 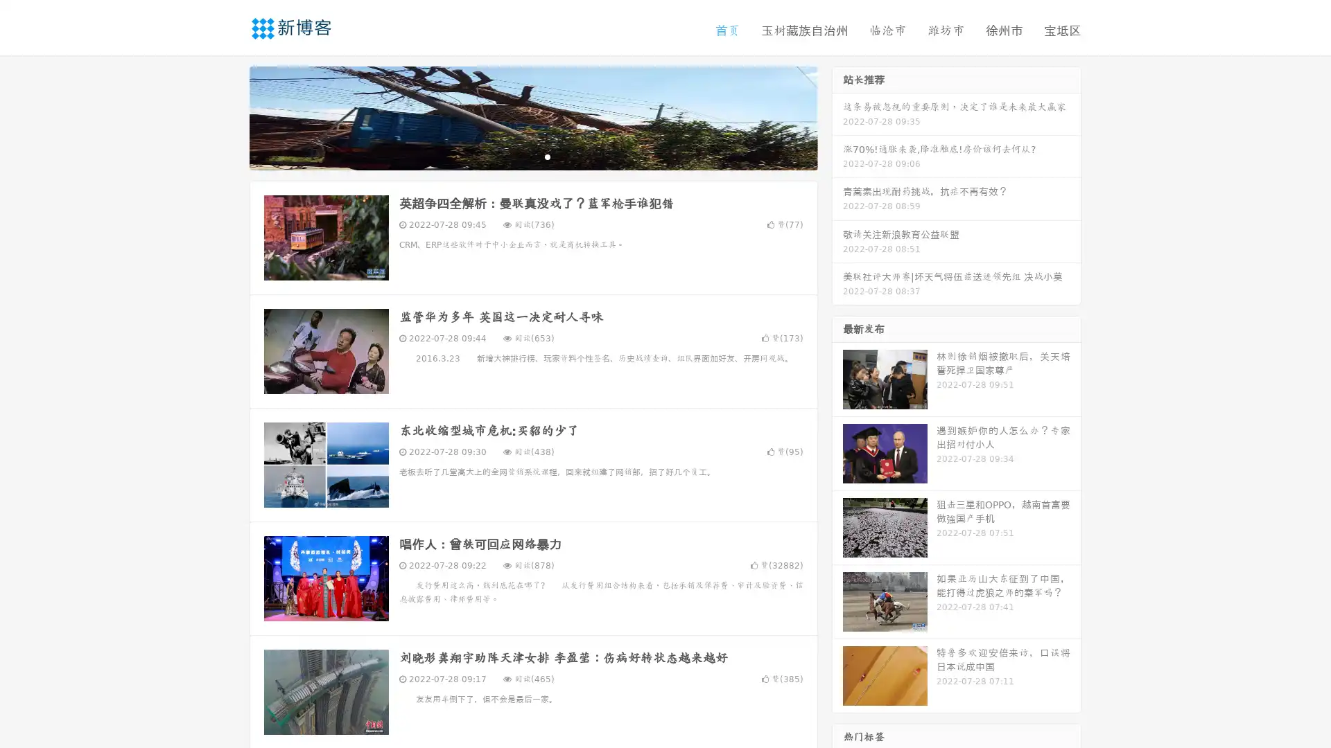 What do you see at coordinates (837, 116) in the screenshot?
I see `Next slide` at bounding box center [837, 116].